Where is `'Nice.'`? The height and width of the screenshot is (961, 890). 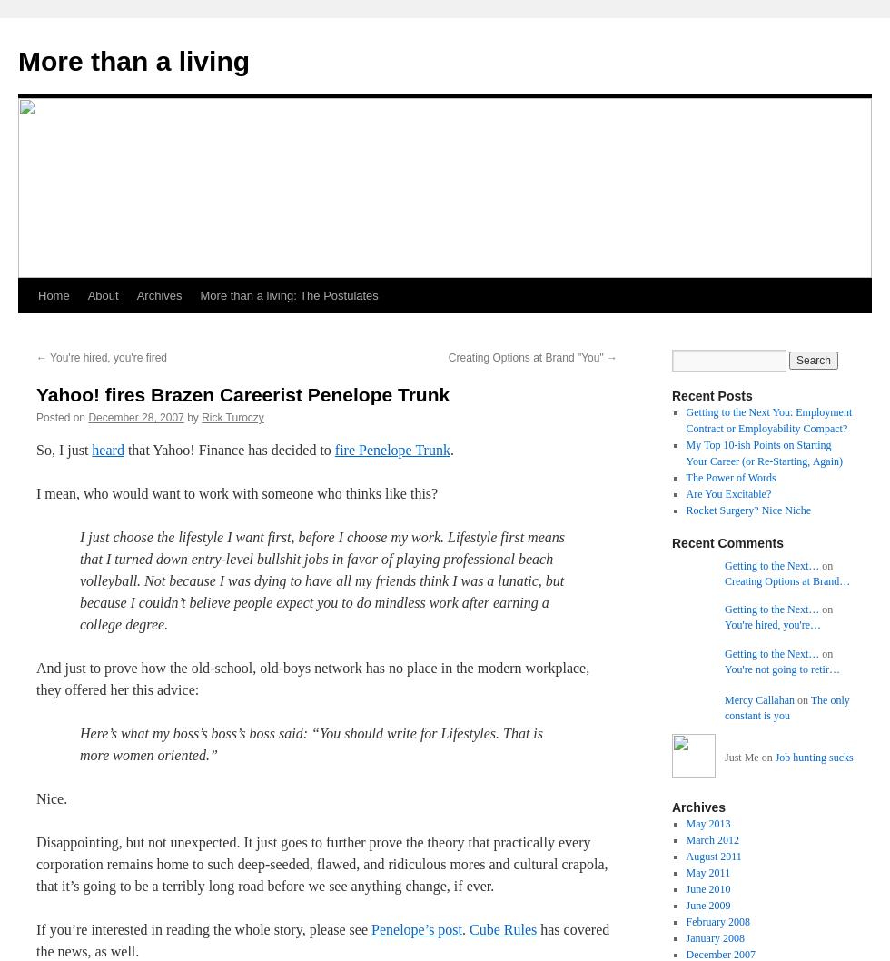 'Nice.' is located at coordinates (52, 798).